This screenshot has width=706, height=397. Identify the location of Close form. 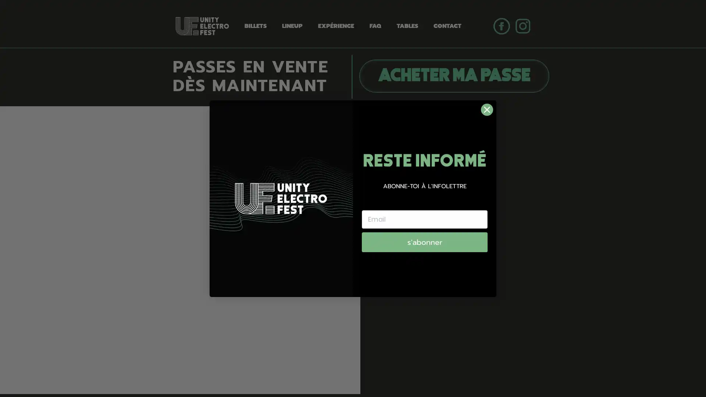
(487, 109).